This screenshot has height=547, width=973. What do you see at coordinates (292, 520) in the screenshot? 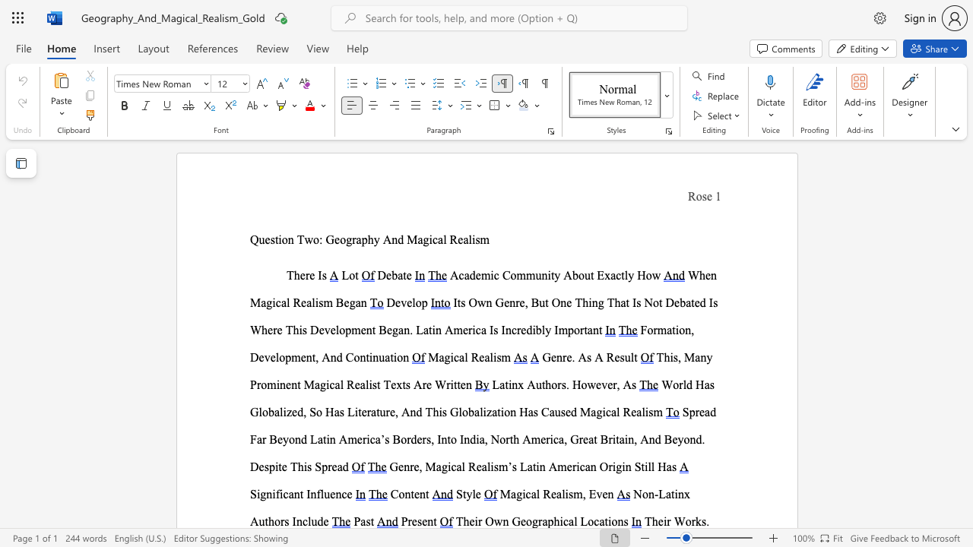
I see `the subset text "Includ" within the text "Non-Latinx Authors Include"` at bounding box center [292, 520].